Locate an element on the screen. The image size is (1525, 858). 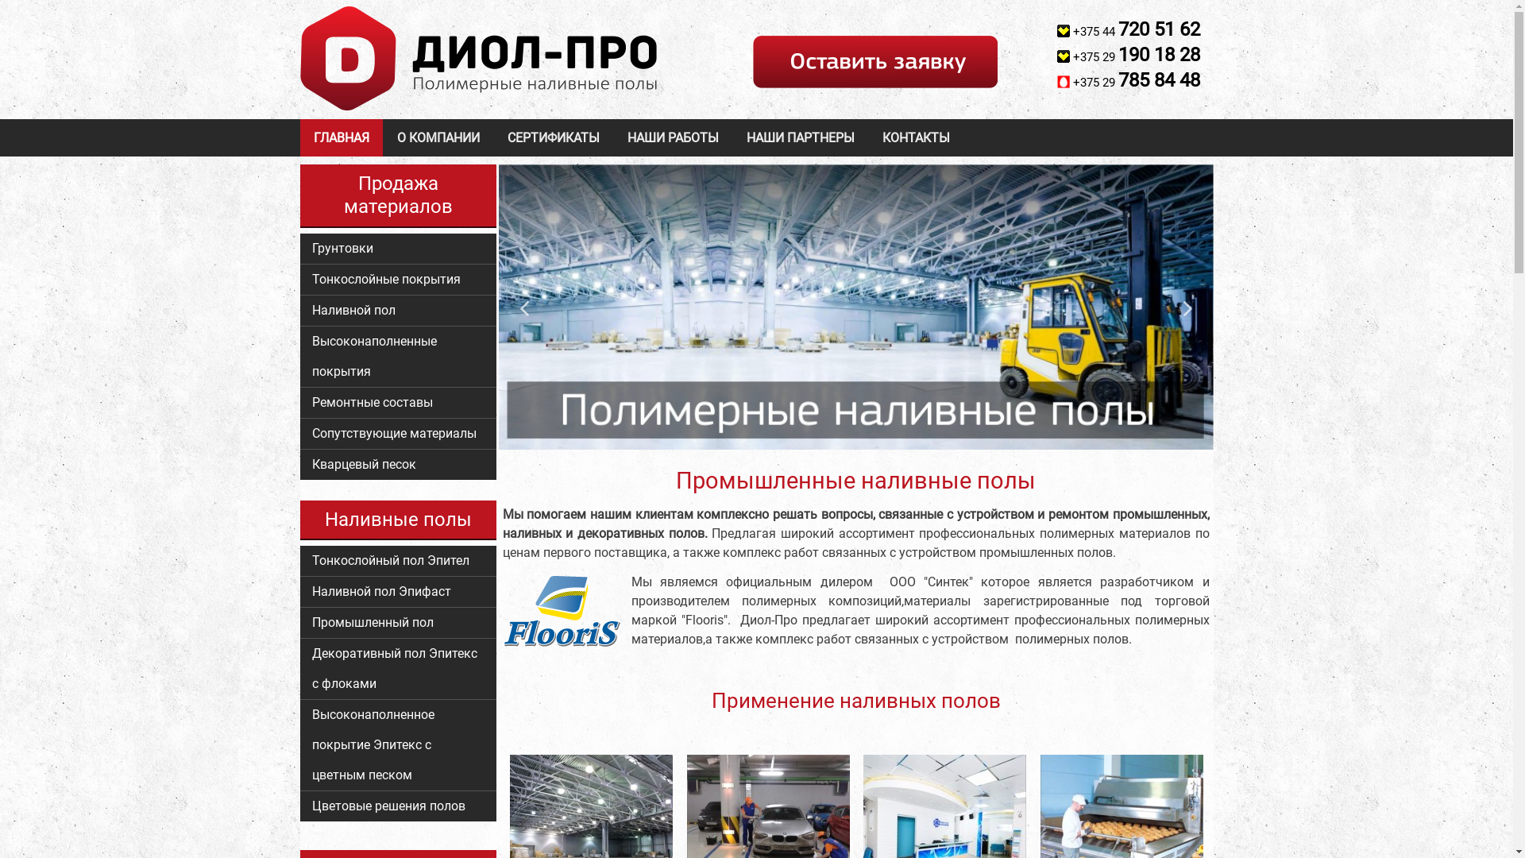
'Next' is located at coordinates (1187, 308).